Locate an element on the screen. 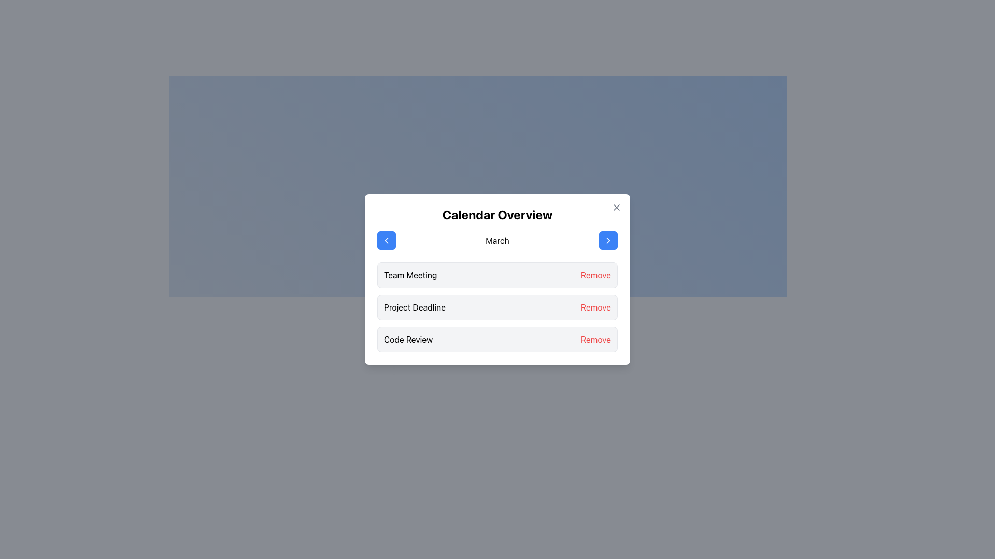 The image size is (995, 559). the chevron-right arrow icon in the toolbar is located at coordinates (608, 241).